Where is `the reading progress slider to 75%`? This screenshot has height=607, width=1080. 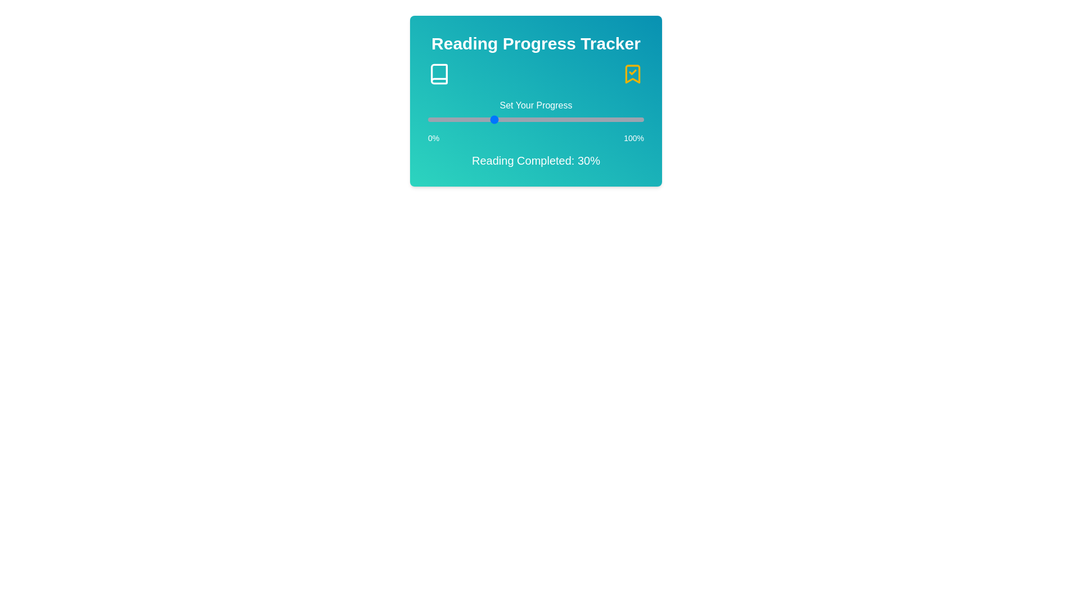
the reading progress slider to 75% is located at coordinates (589, 119).